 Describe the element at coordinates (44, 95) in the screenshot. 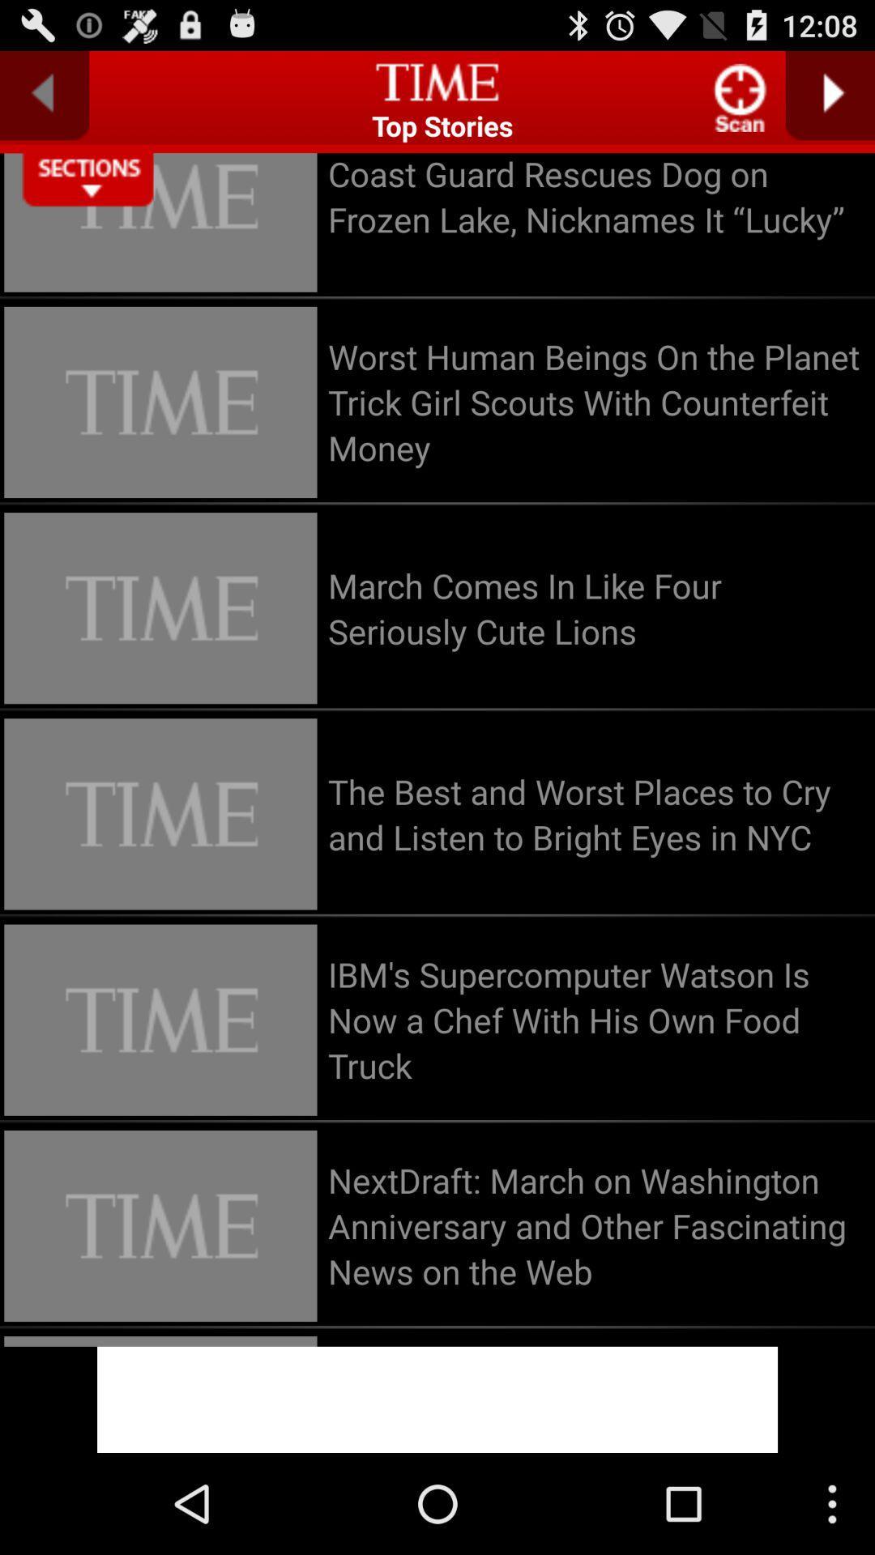

I see `previous` at that location.